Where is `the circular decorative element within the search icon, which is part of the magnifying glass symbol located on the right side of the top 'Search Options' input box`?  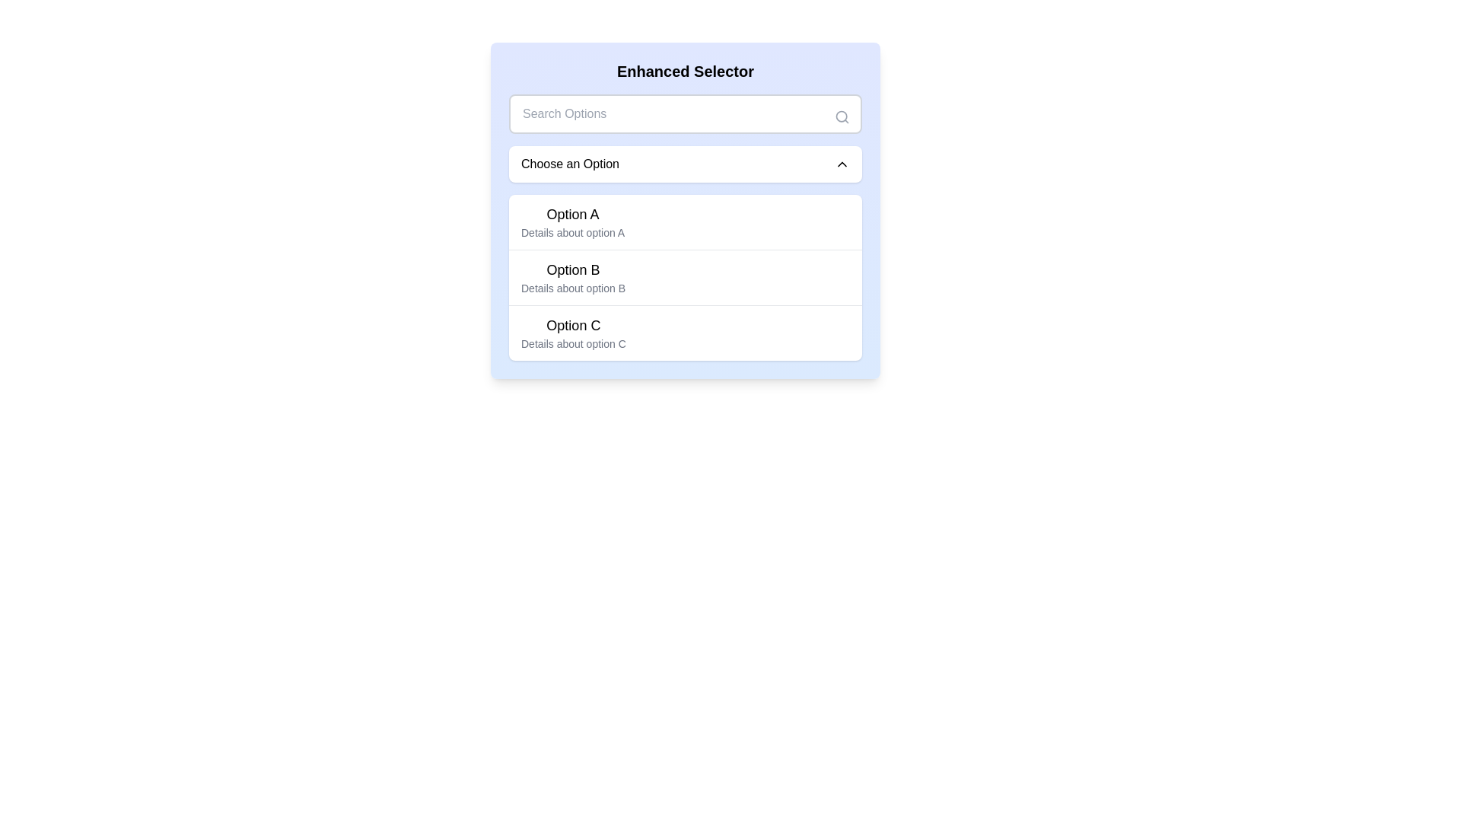
the circular decorative element within the search icon, which is part of the magnifying glass symbol located on the right side of the top 'Search Options' input box is located at coordinates (841, 116).